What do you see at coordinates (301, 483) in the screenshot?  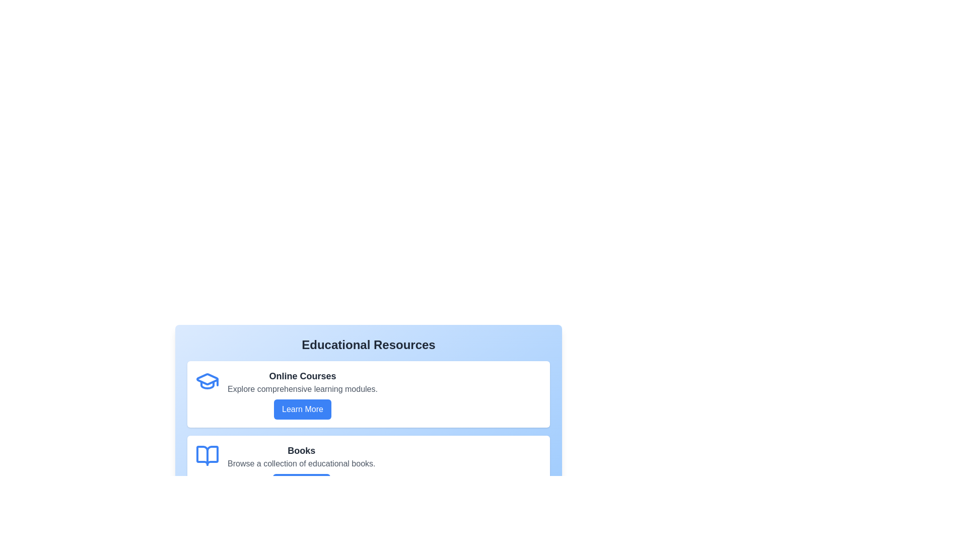 I see `the 'Learn More' button for Books` at bounding box center [301, 483].